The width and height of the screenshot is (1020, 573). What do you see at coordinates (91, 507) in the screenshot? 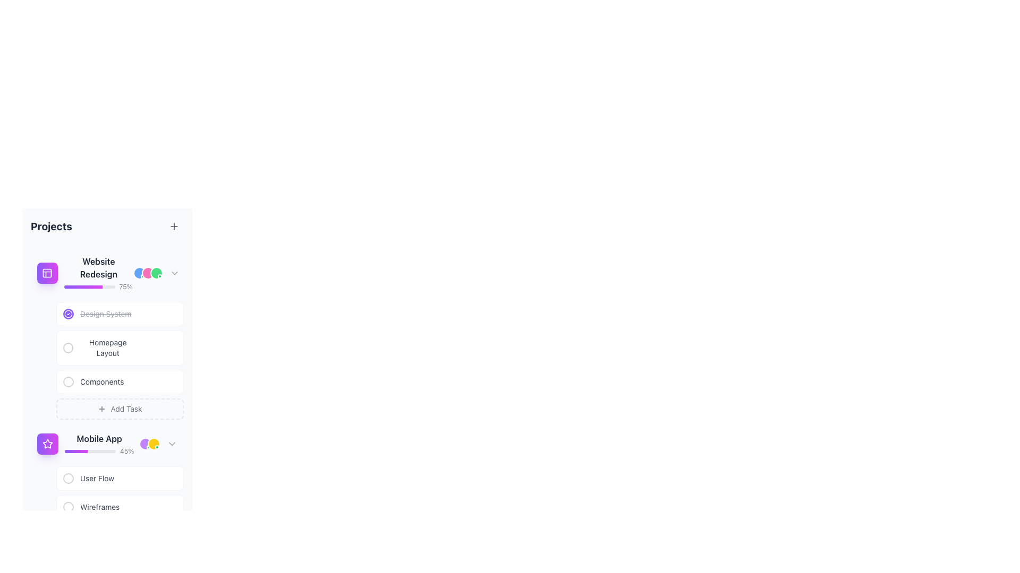
I see `label text 'Wireframes' located in the third section of the 'Projects' panel, aligned to the right of a circular icon` at bounding box center [91, 507].